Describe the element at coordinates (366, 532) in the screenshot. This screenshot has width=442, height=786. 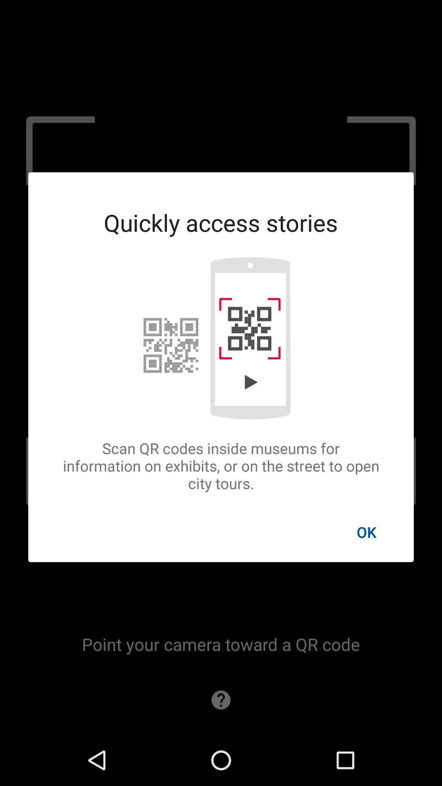
I see `the ok` at that location.